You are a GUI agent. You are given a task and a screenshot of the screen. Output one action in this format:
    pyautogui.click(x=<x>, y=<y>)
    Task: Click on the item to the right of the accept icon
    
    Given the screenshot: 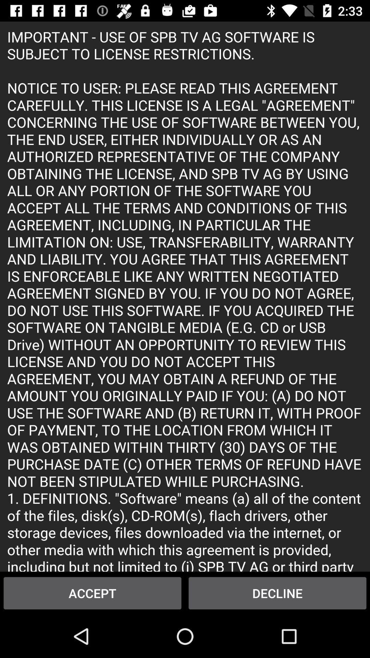 What is the action you would take?
    pyautogui.click(x=277, y=593)
    